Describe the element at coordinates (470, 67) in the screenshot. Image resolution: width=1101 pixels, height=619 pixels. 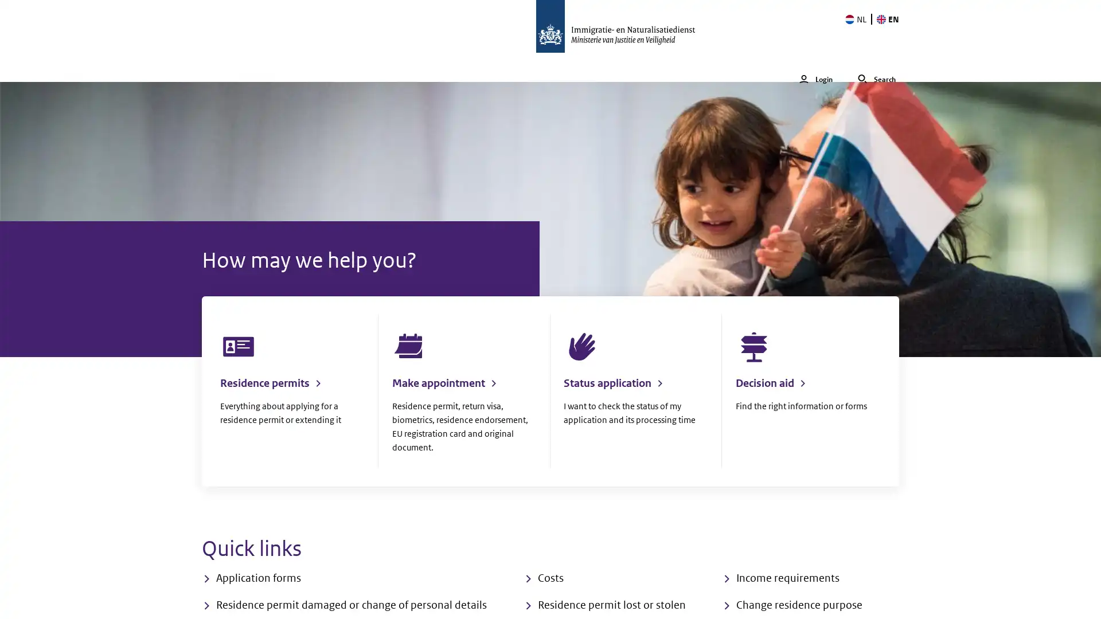
I see `About us` at that location.